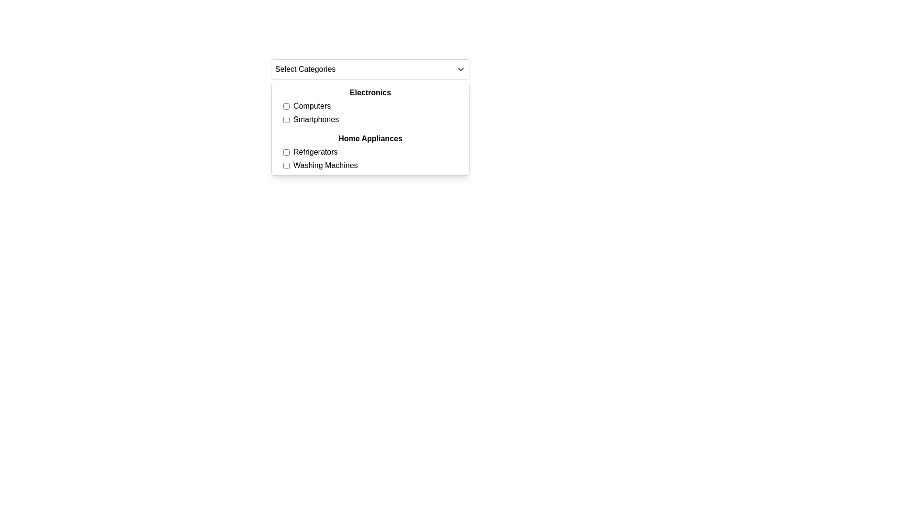 The width and height of the screenshot is (919, 517). Describe the element at coordinates (286, 119) in the screenshot. I see `the selected checkbox aligned with the text 'Smartphones' in the dropdown menu under 'Select Categories'` at that location.